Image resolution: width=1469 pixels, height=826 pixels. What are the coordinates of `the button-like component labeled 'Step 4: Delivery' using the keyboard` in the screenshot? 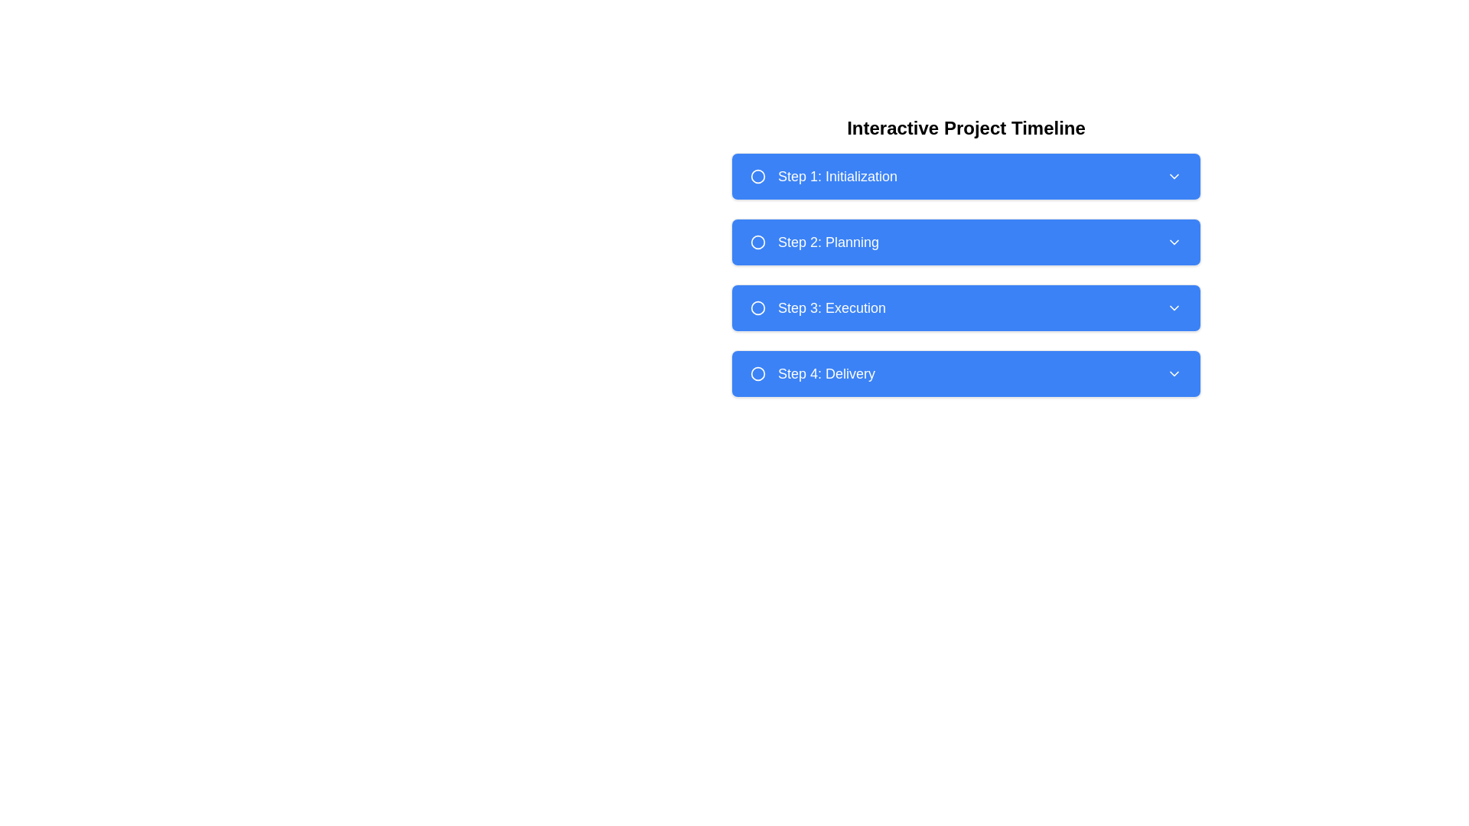 It's located at (965, 374).